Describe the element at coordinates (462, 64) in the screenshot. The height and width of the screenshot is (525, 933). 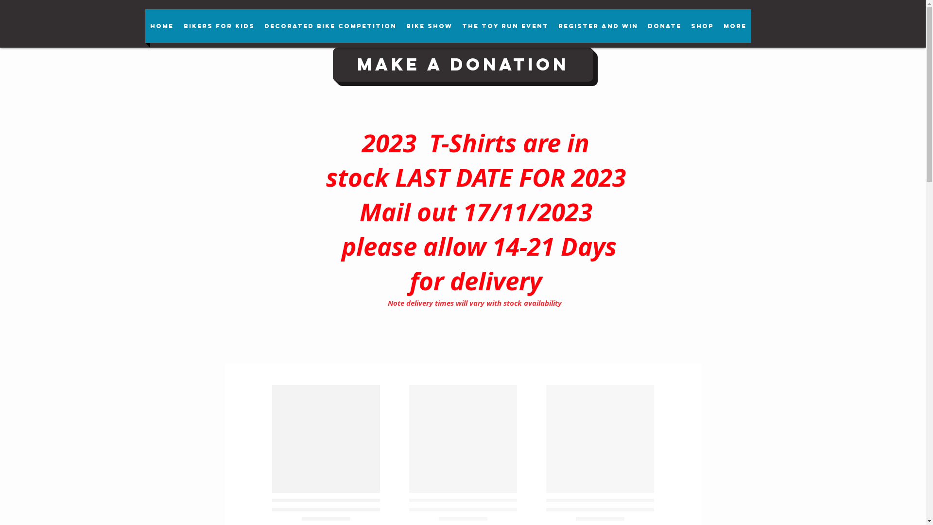
I see `'Make a Donation'` at that location.